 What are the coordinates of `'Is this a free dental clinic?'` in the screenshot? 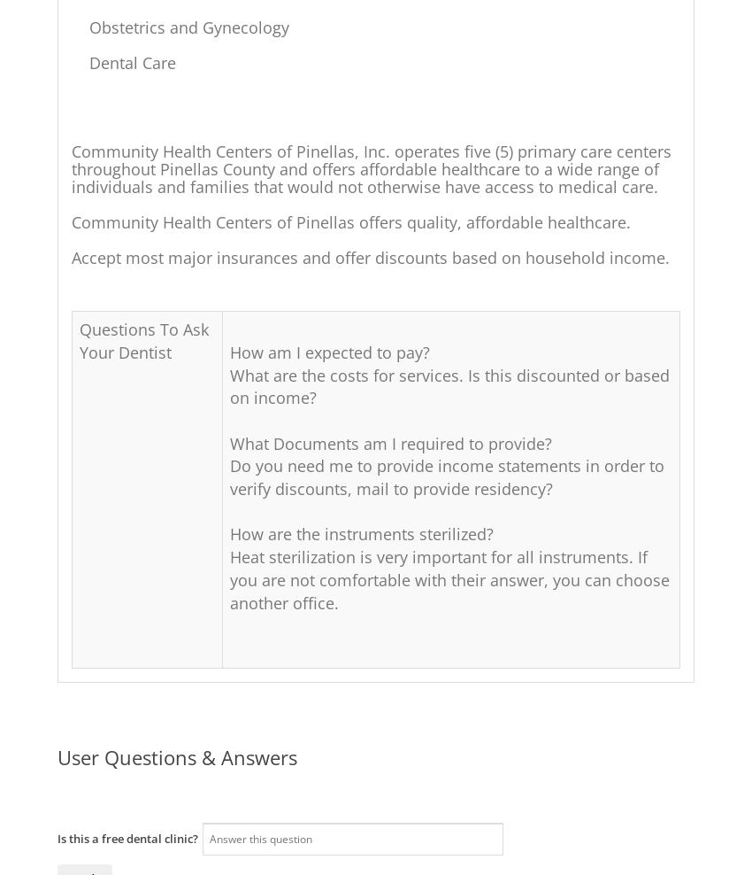 It's located at (127, 838).